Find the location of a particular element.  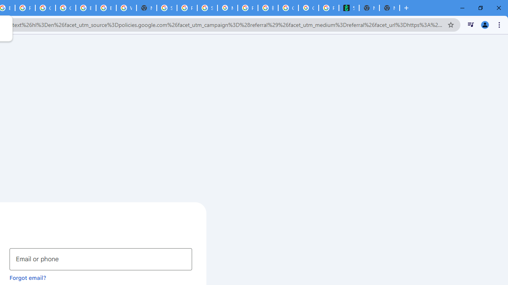

'Browse Chrome as a guest - Computer - Google Chrome Help' is located at coordinates (86, 8).